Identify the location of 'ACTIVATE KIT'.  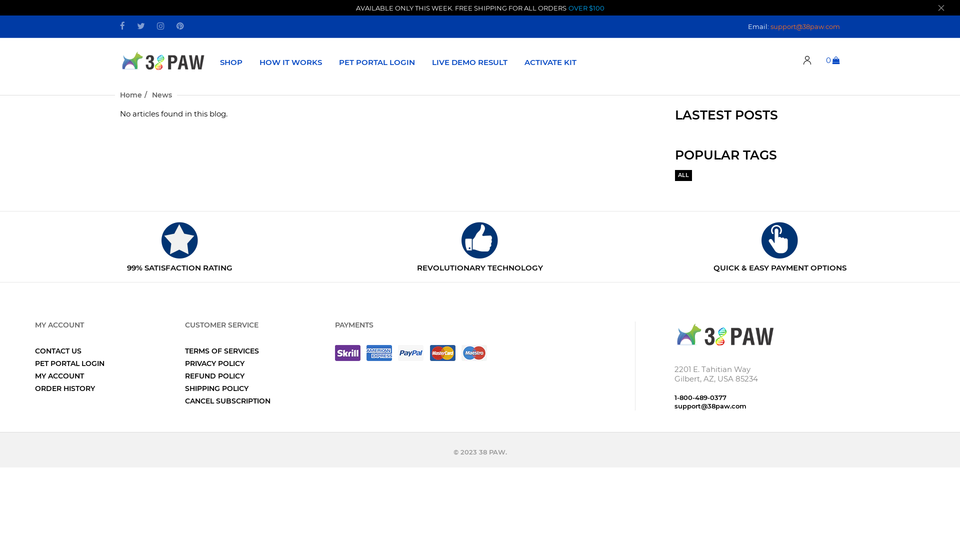
(549, 61).